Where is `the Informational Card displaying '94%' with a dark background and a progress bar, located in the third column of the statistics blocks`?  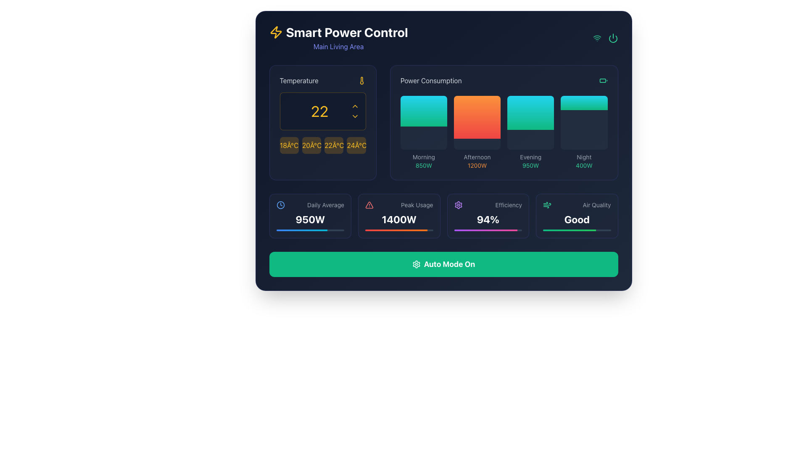
the Informational Card displaying '94%' with a dark background and a progress bar, located in the third column of the statistics blocks is located at coordinates (443, 215).